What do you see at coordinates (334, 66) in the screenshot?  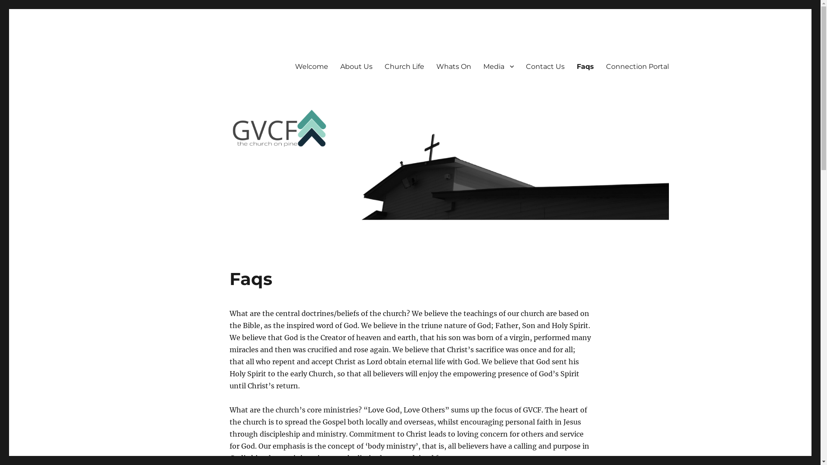 I see `'About Us'` at bounding box center [334, 66].